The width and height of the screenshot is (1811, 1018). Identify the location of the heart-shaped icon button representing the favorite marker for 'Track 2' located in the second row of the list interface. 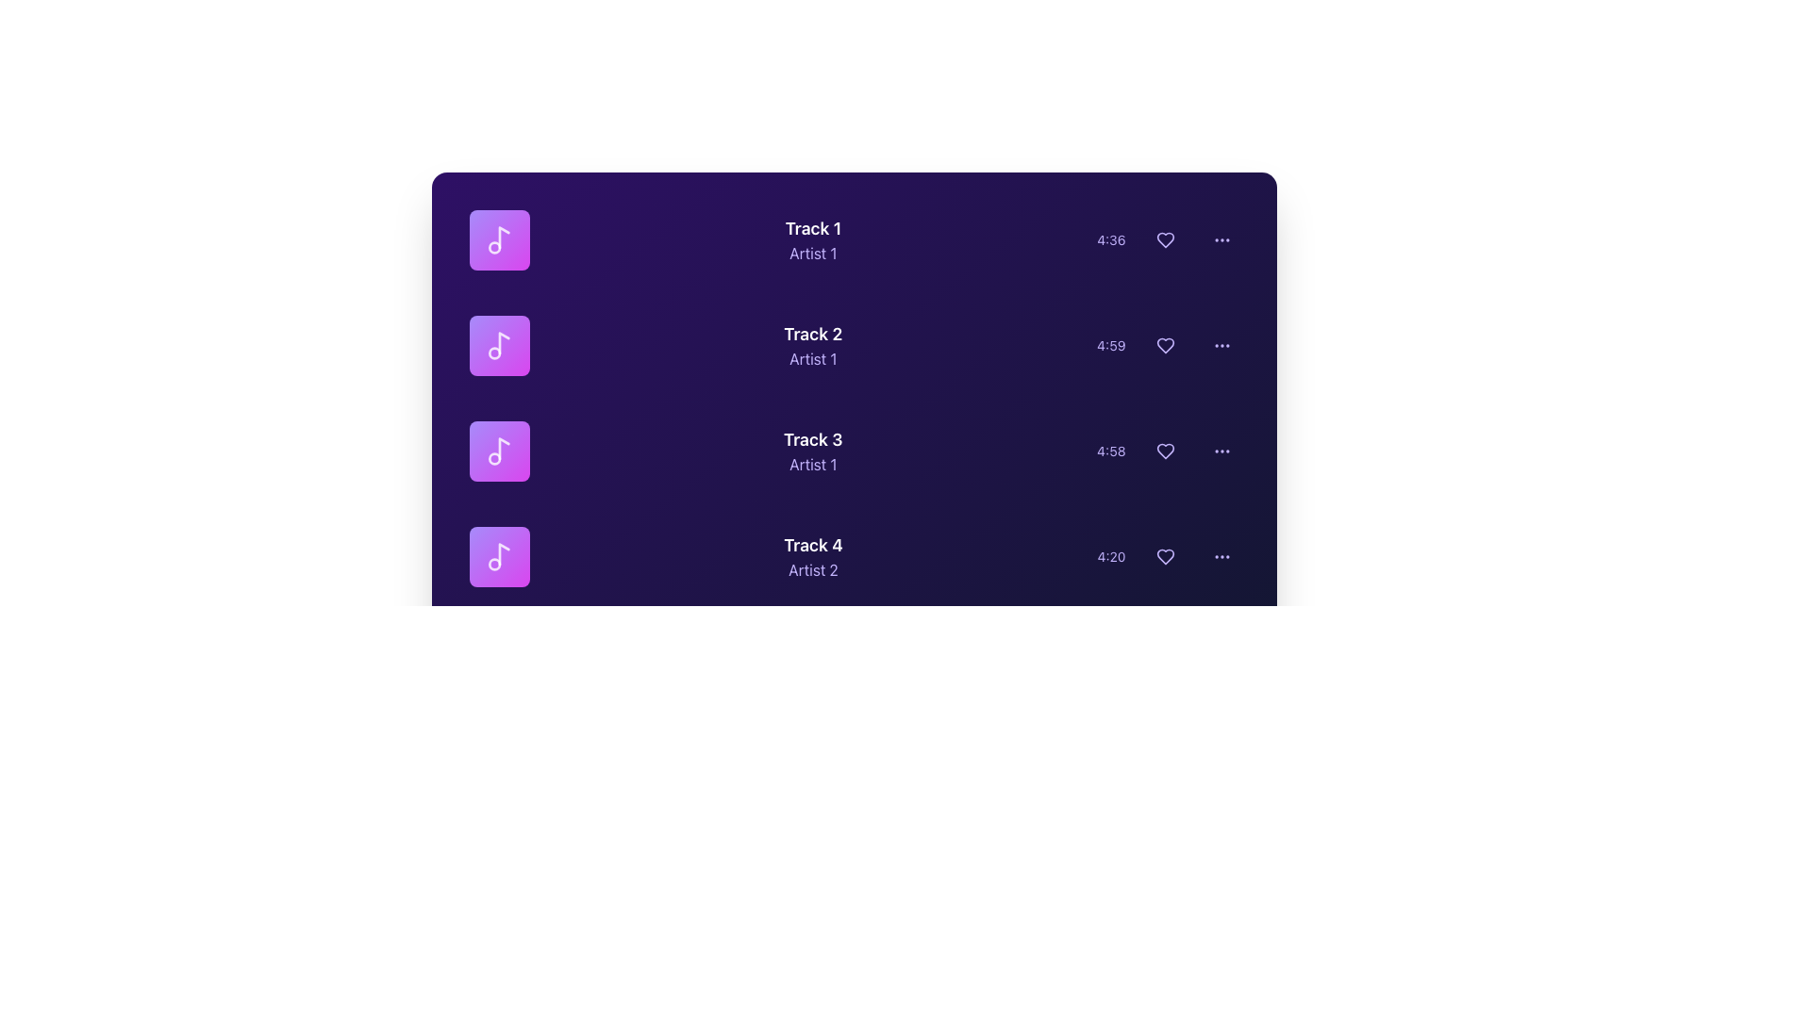
(1164, 345).